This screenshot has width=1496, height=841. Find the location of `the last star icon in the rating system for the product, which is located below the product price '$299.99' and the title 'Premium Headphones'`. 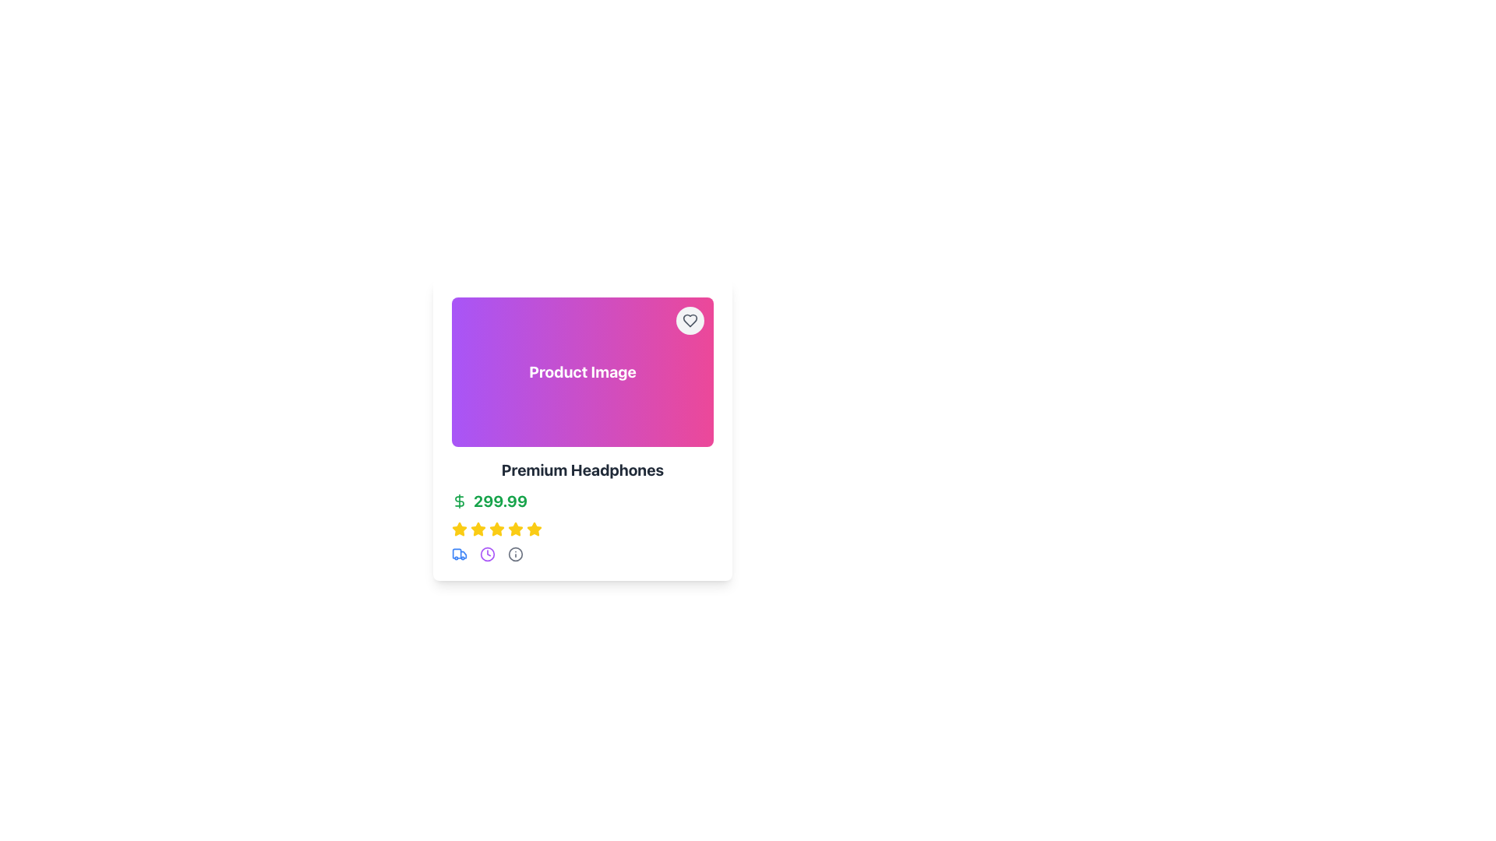

the last star icon in the rating system for the product, which is located below the product price '$299.99' and the title 'Premium Headphones' is located at coordinates (535, 528).